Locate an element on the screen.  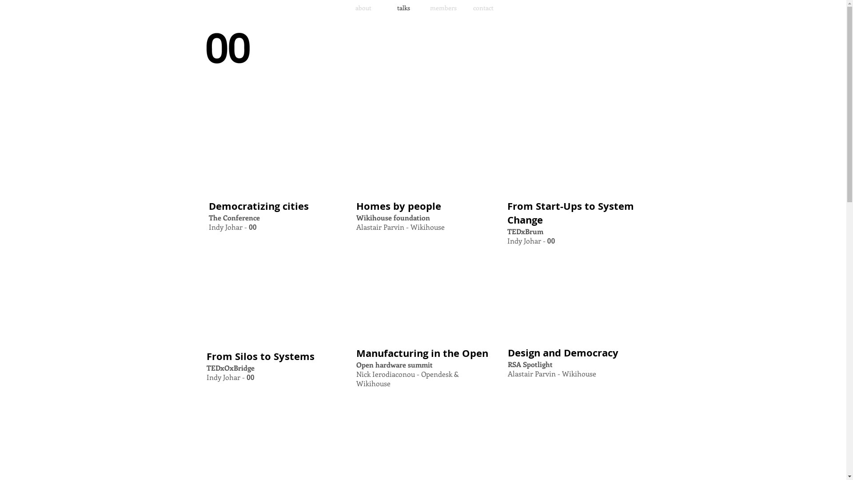
'contact' is located at coordinates (483, 8).